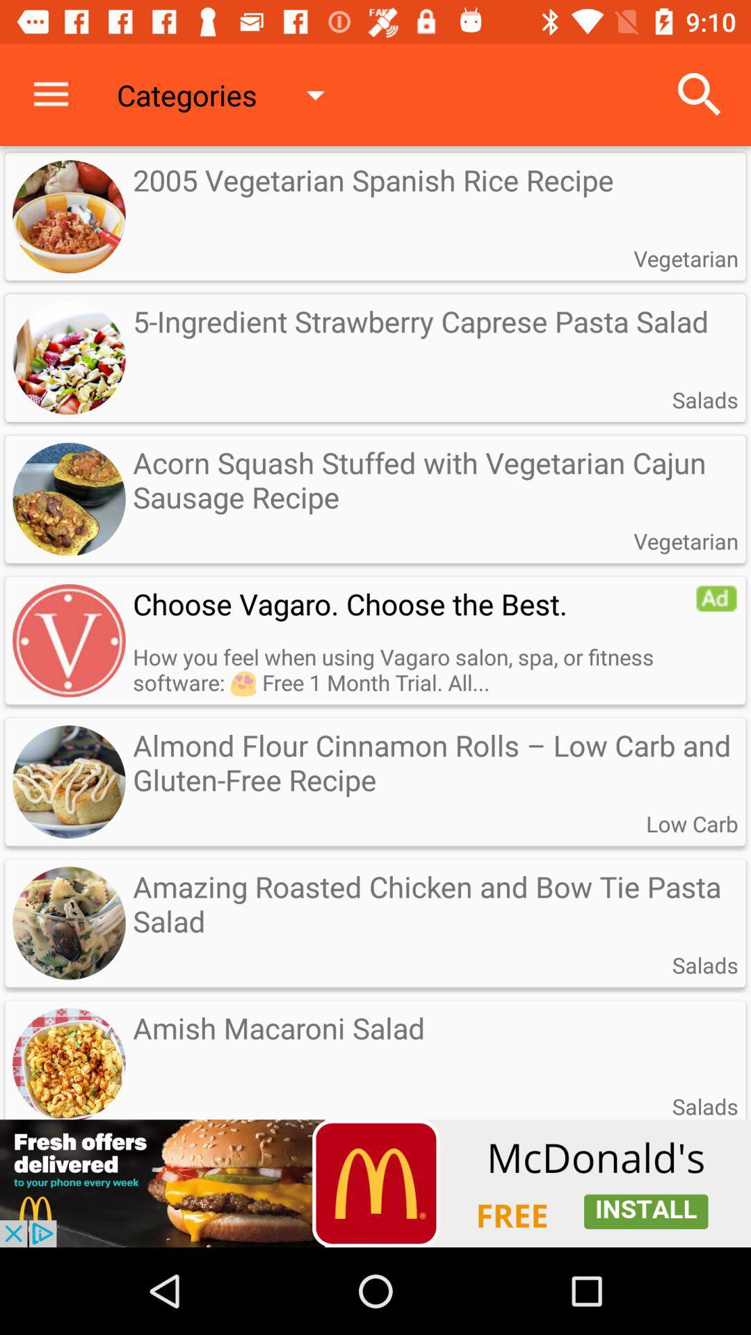 This screenshot has width=751, height=1335. Describe the element at coordinates (700, 95) in the screenshot. I see `the search icon at the top right corner` at that location.